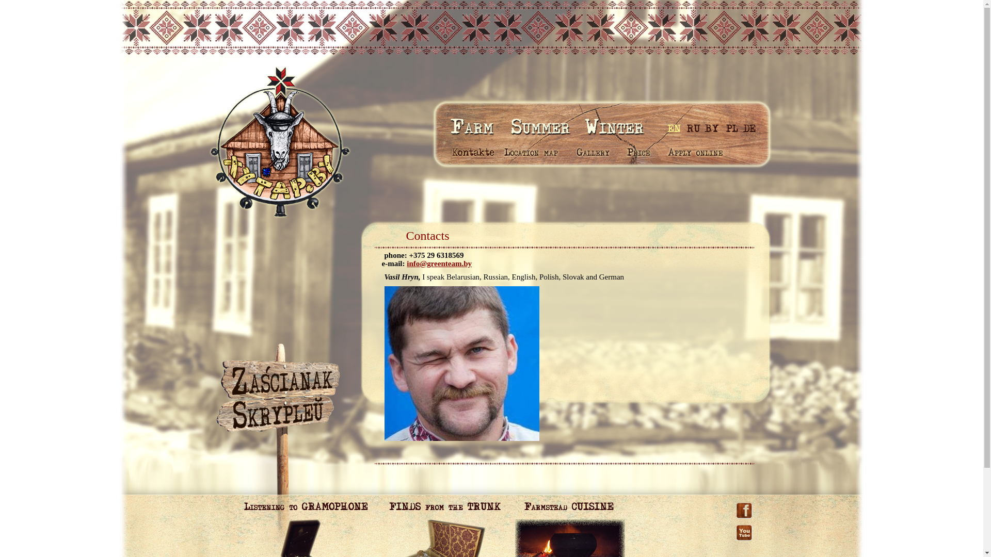  What do you see at coordinates (693, 127) in the screenshot?
I see `'RU'` at bounding box center [693, 127].